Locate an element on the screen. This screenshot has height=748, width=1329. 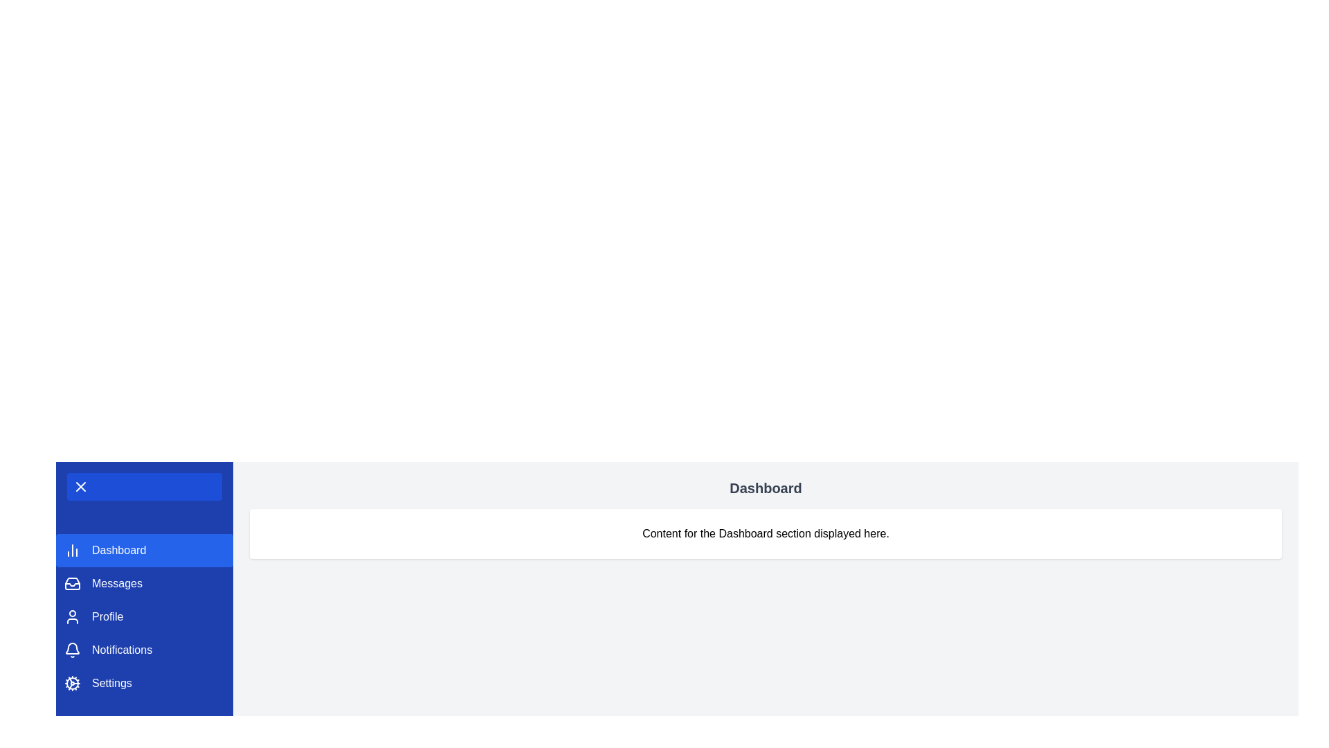
the cog-shaped settings icon located on the left-side navigation menu, positioned is located at coordinates (72, 683).